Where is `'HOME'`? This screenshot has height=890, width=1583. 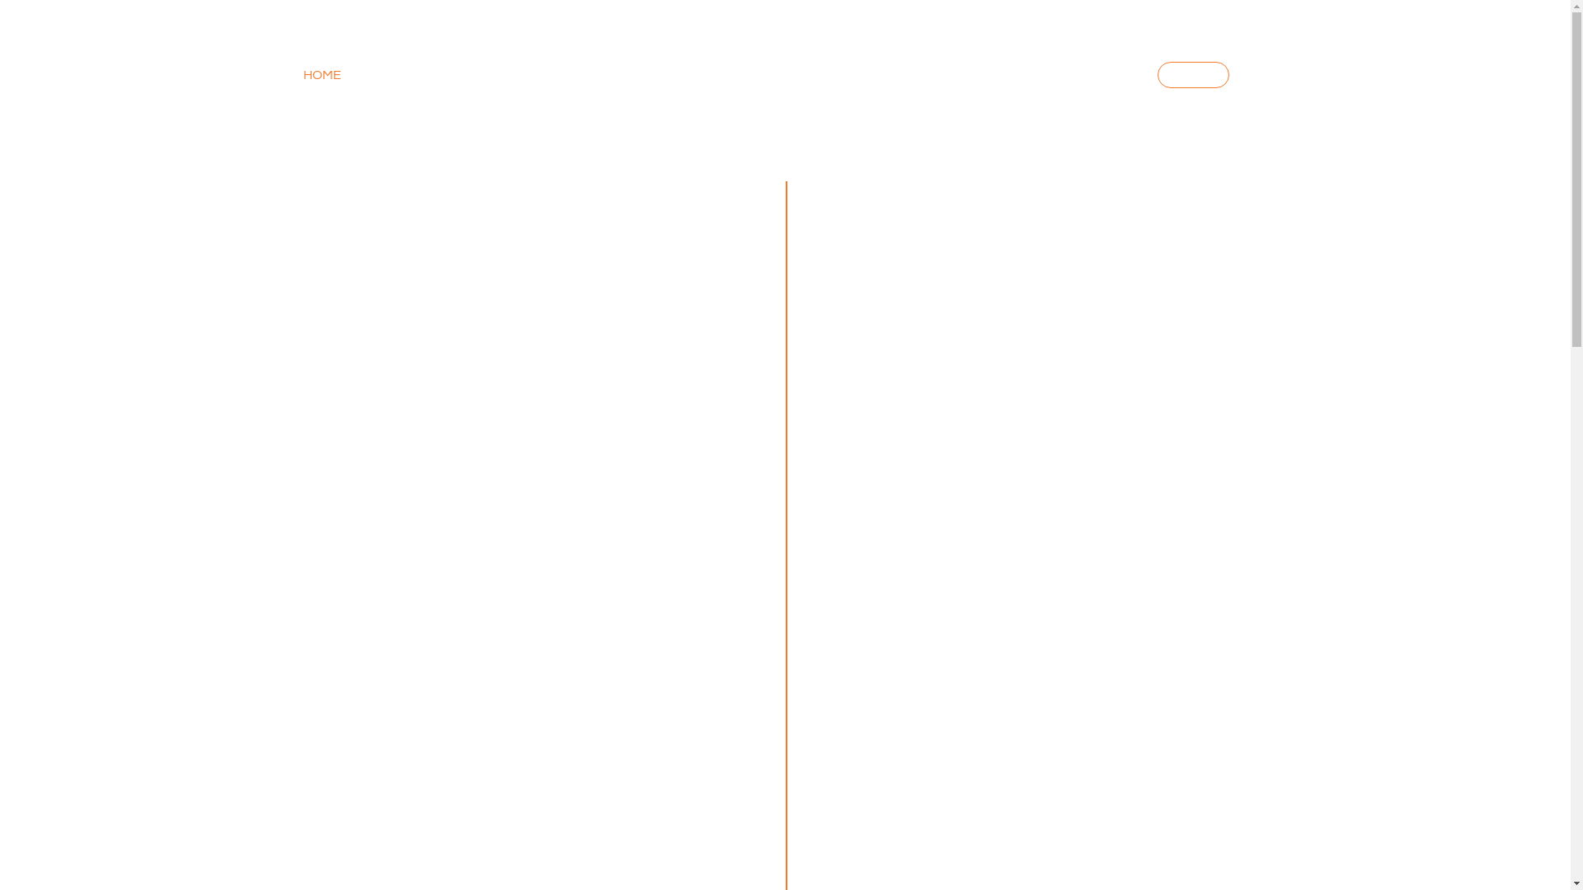
'HOME' is located at coordinates (303, 75).